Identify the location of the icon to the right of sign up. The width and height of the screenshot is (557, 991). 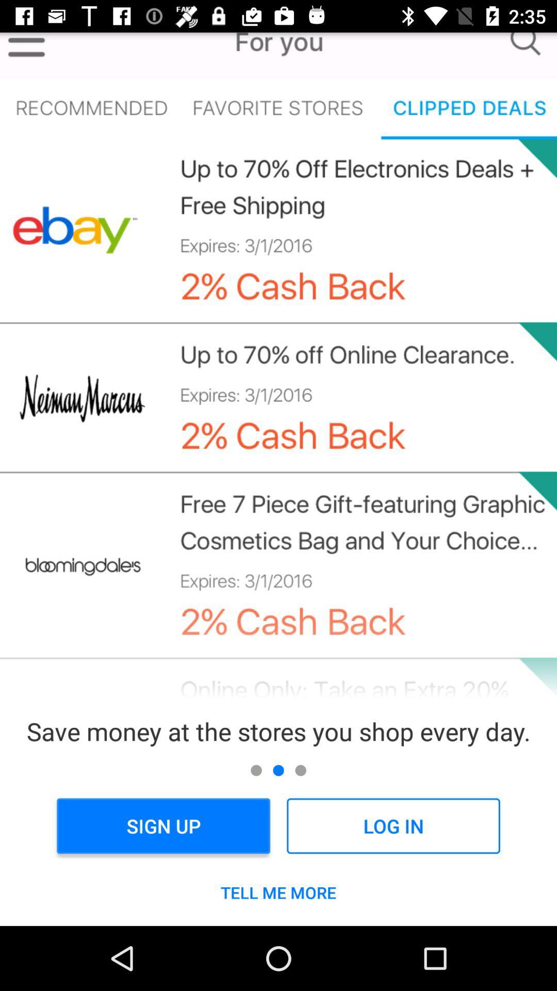
(393, 826).